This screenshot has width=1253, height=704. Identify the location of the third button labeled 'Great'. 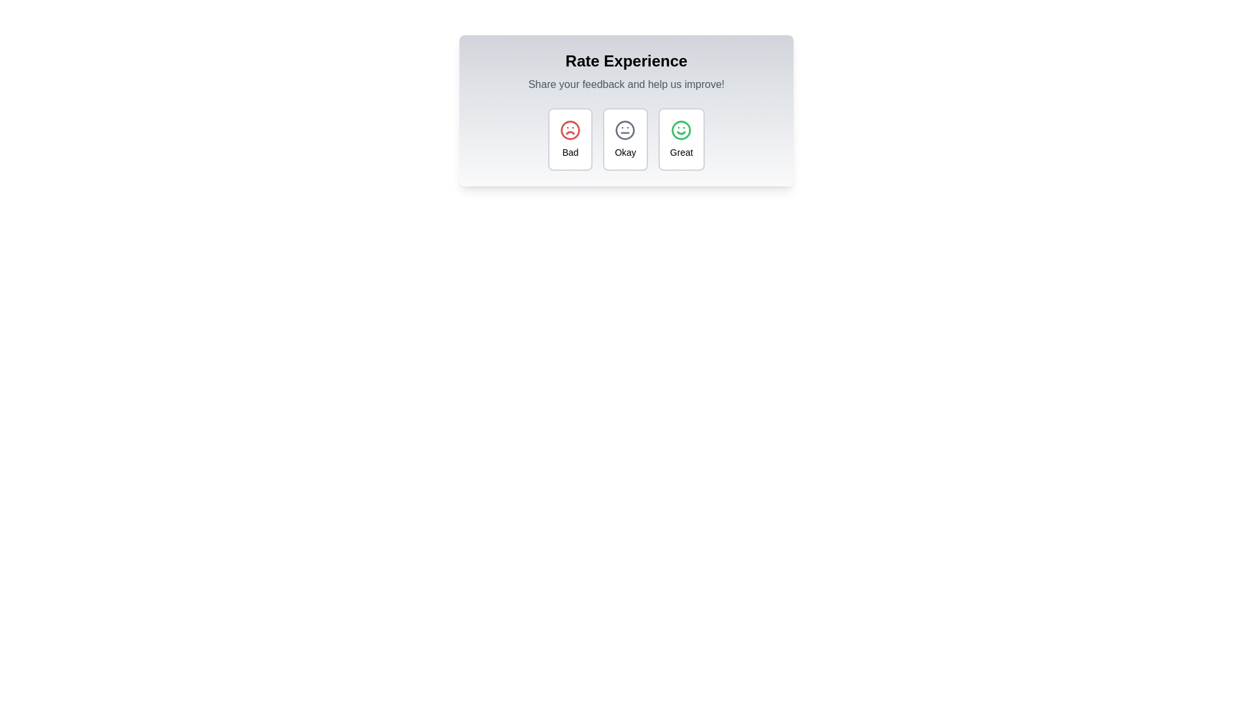
(681, 139).